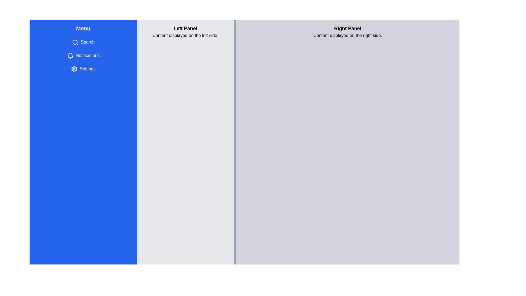  I want to click on the static text element displaying a descriptive message in the Right Panel section, located below the header 'Right Panel.', so click(347, 36).